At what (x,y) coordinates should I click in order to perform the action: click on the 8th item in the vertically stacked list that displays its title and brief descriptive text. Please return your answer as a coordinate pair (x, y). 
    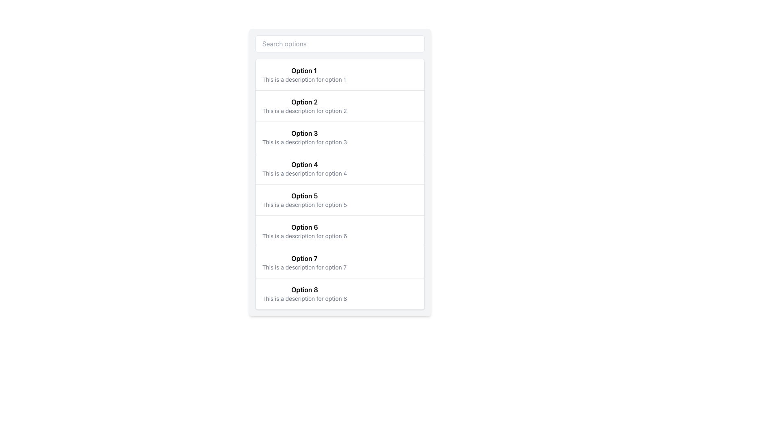
    Looking at the image, I should click on (304, 293).